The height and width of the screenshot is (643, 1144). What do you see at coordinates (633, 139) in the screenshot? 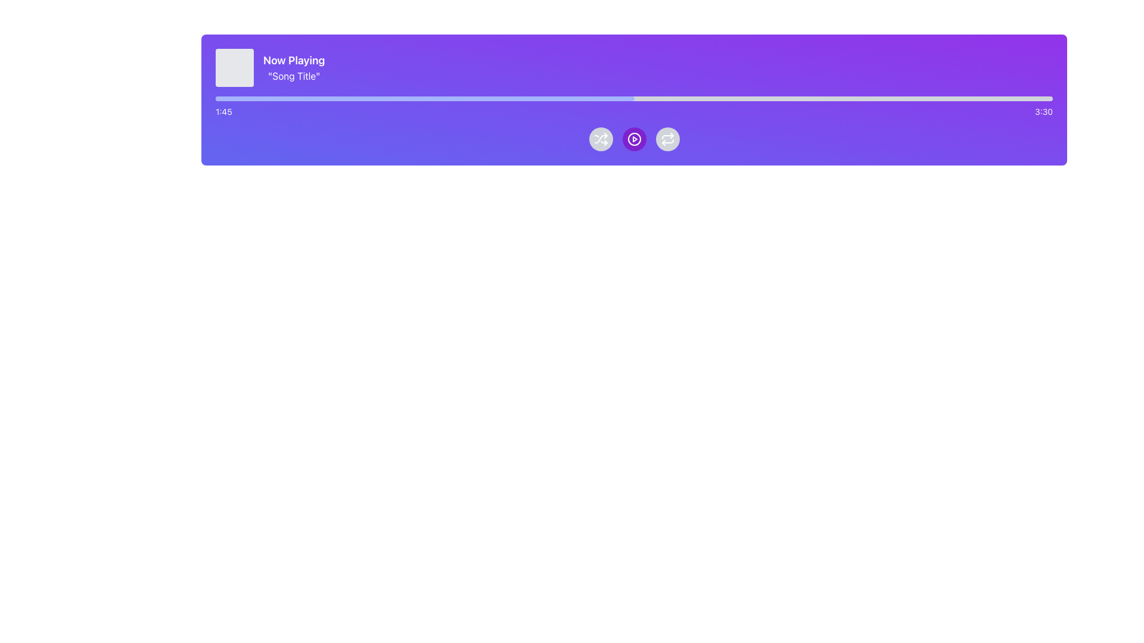
I see `the central 'Play' button located below the progress bar` at bounding box center [633, 139].